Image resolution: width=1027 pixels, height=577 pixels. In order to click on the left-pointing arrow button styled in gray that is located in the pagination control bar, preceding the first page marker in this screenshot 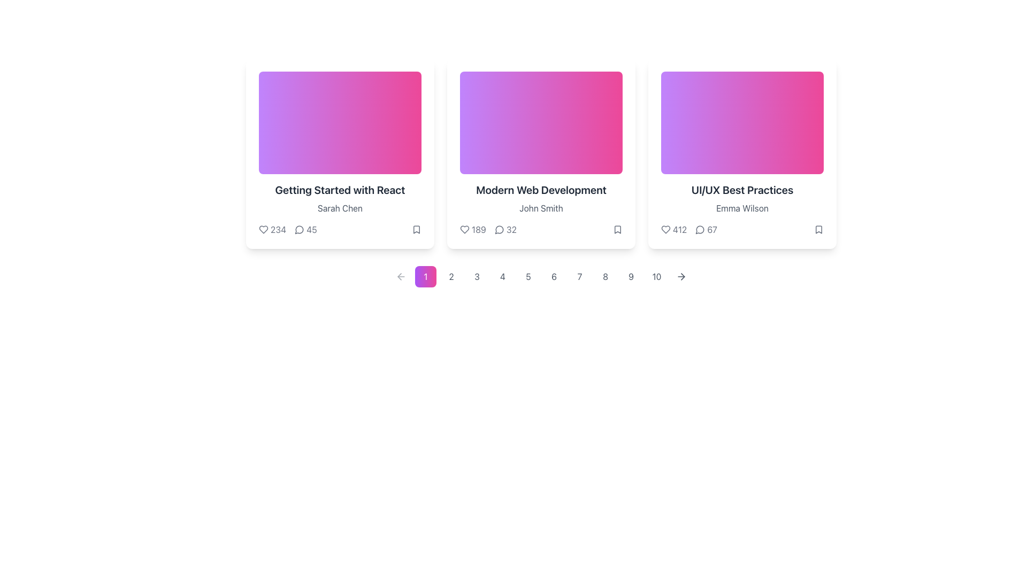, I will do `click(400, 276)`.